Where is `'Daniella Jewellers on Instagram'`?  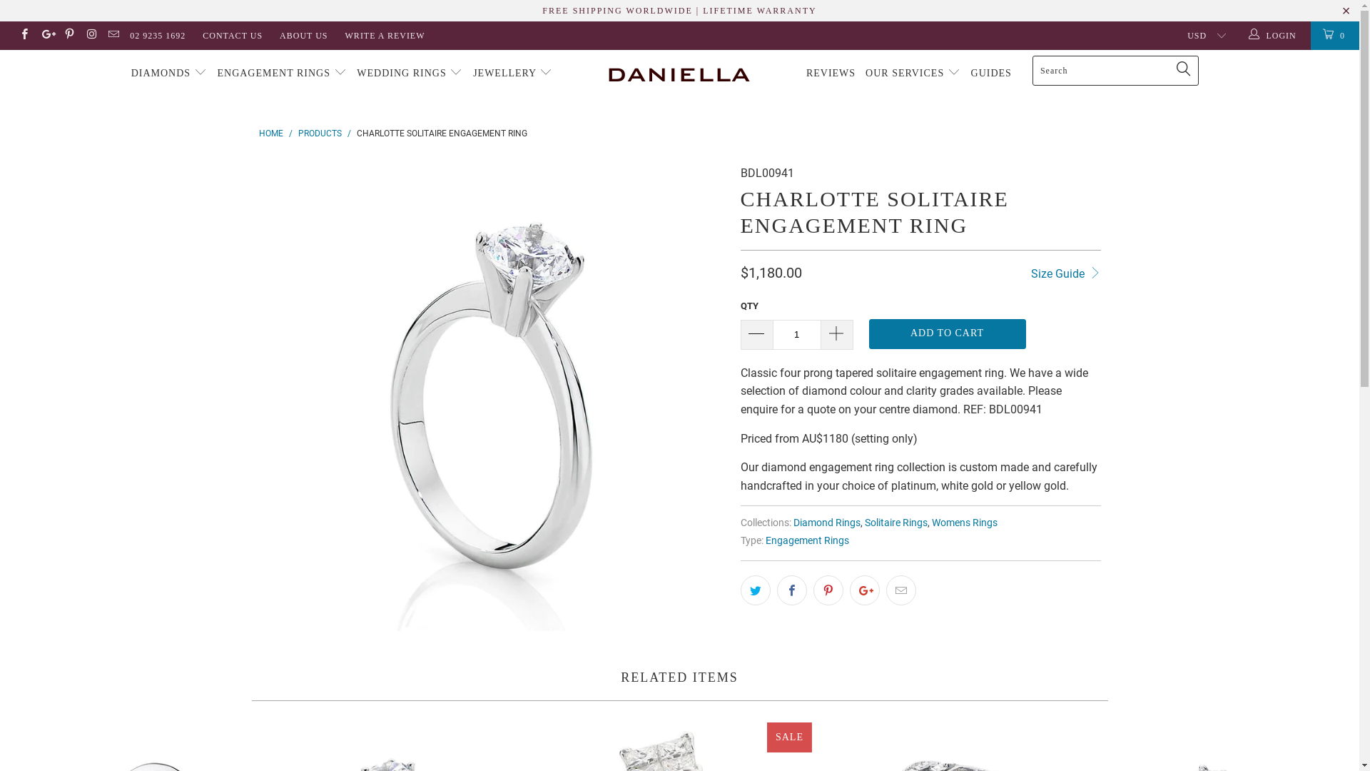
'Daniella Jewellers on Instagram' is located at coordinates (84, 35).